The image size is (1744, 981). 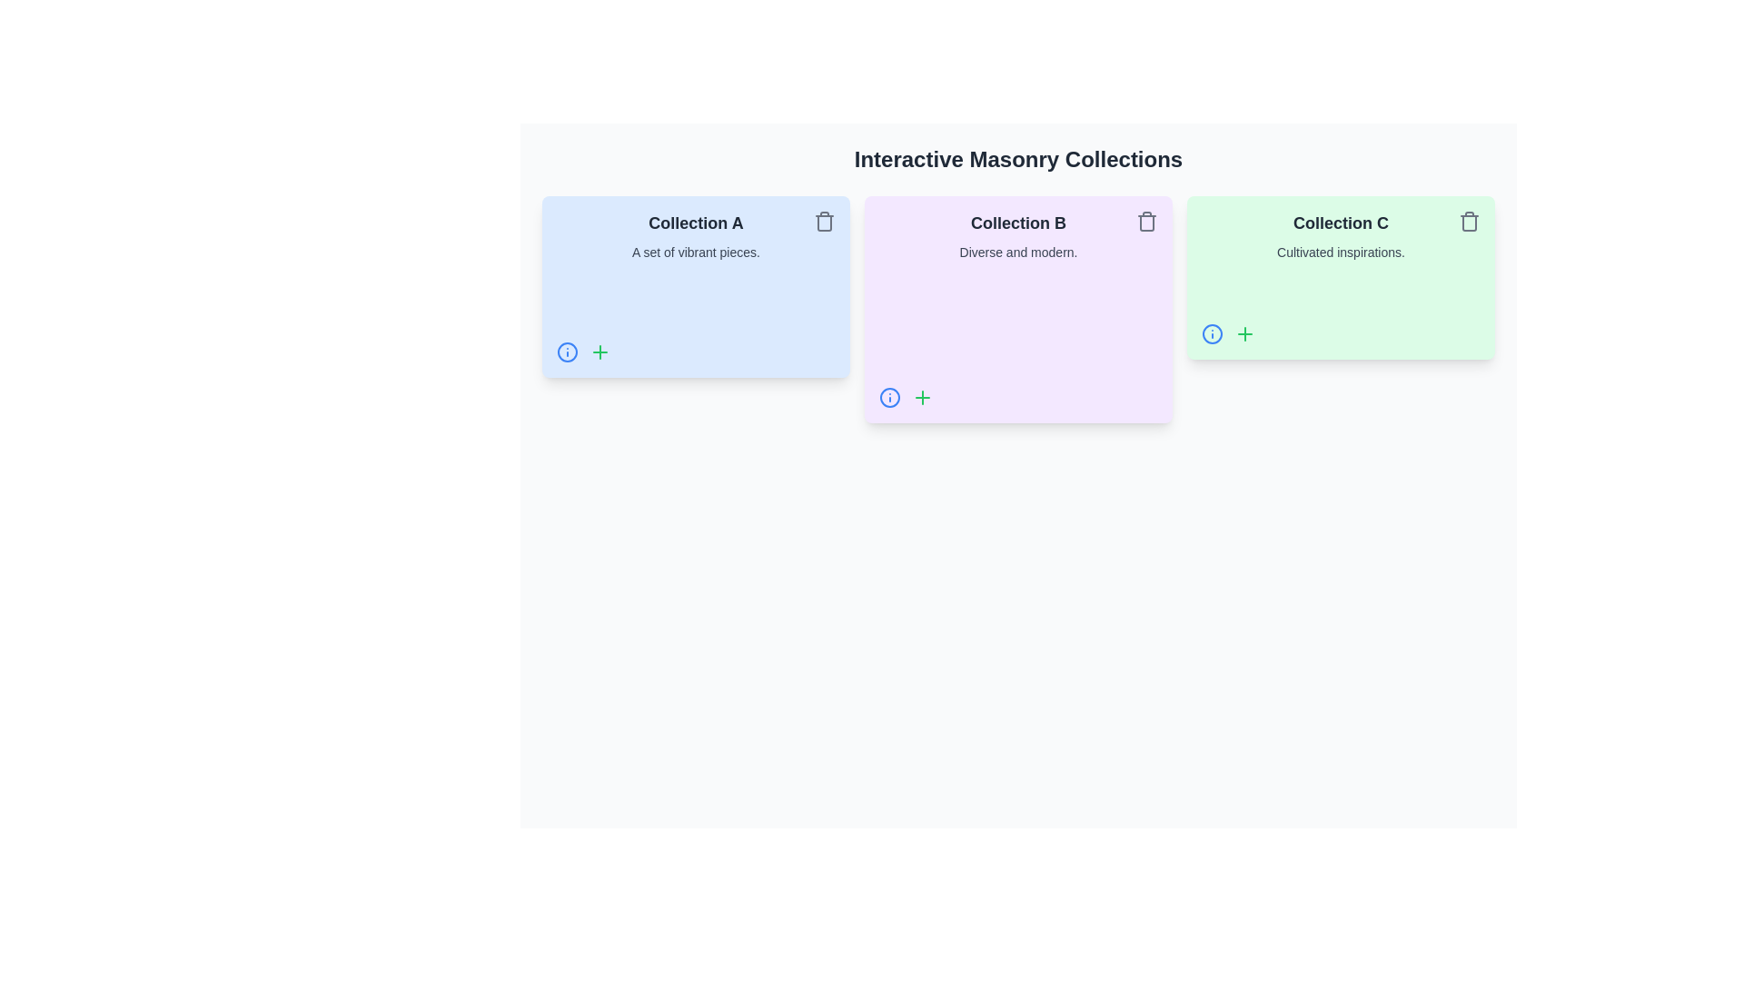 I want to click on the interactive icon button in the bottom-left corner of the 'Collection B' card, so click(x=889, y=397).